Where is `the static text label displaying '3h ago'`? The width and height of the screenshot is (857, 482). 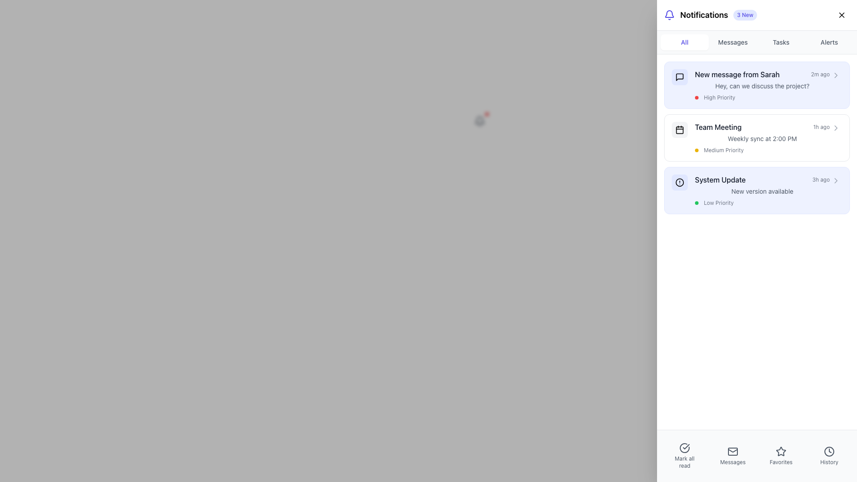 the static text label displaying '3h ago' is located at coordinates (821, 179).